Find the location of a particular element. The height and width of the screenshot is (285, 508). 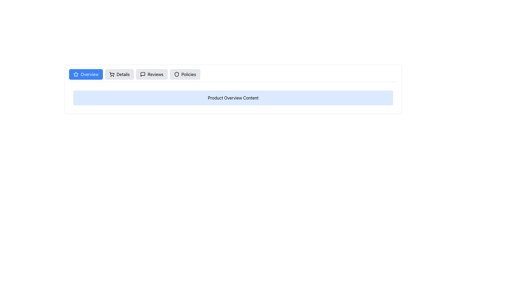

the active 'Overview' button with a blue background and white text is located at coordinates (86, 74).